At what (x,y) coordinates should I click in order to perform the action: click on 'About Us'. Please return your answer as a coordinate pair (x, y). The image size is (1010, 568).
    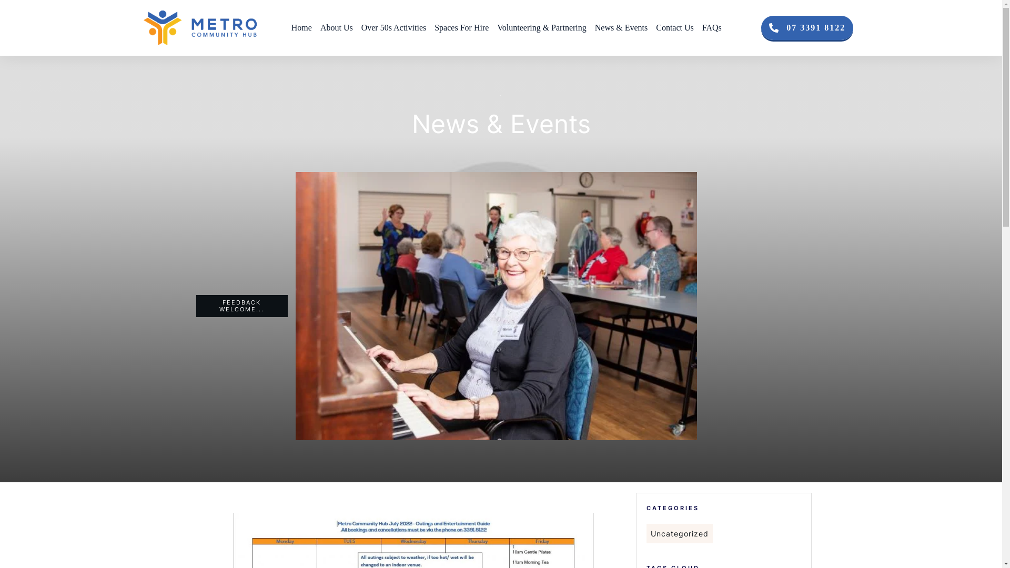
    Looking at the image, I should click on (320, 27).